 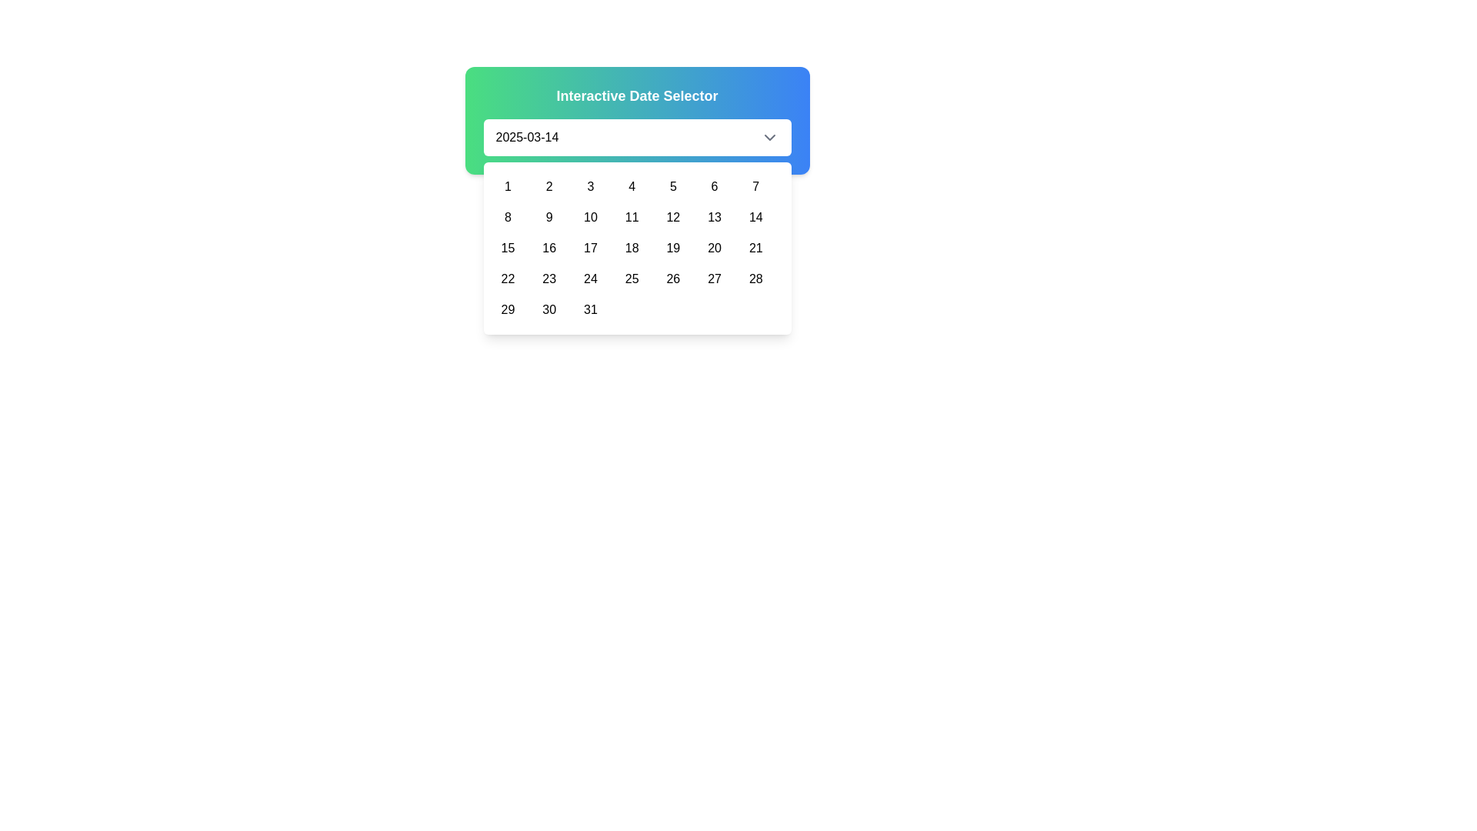 What do you see at coordinates (632, 186) in the screenshot?
I see `the small square button with a rounded border containing the number '4'` at bounding box center [632, 186].